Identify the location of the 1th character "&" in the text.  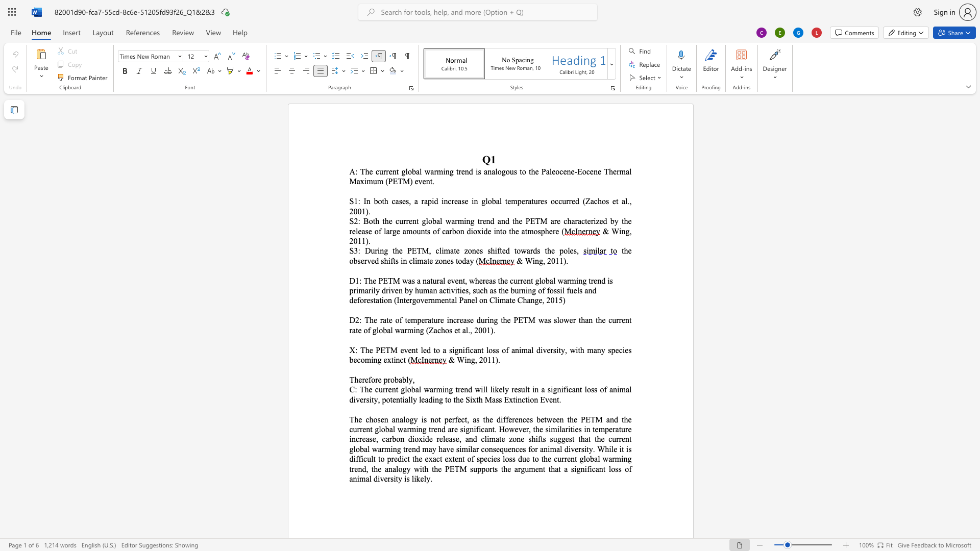
(605, 231).